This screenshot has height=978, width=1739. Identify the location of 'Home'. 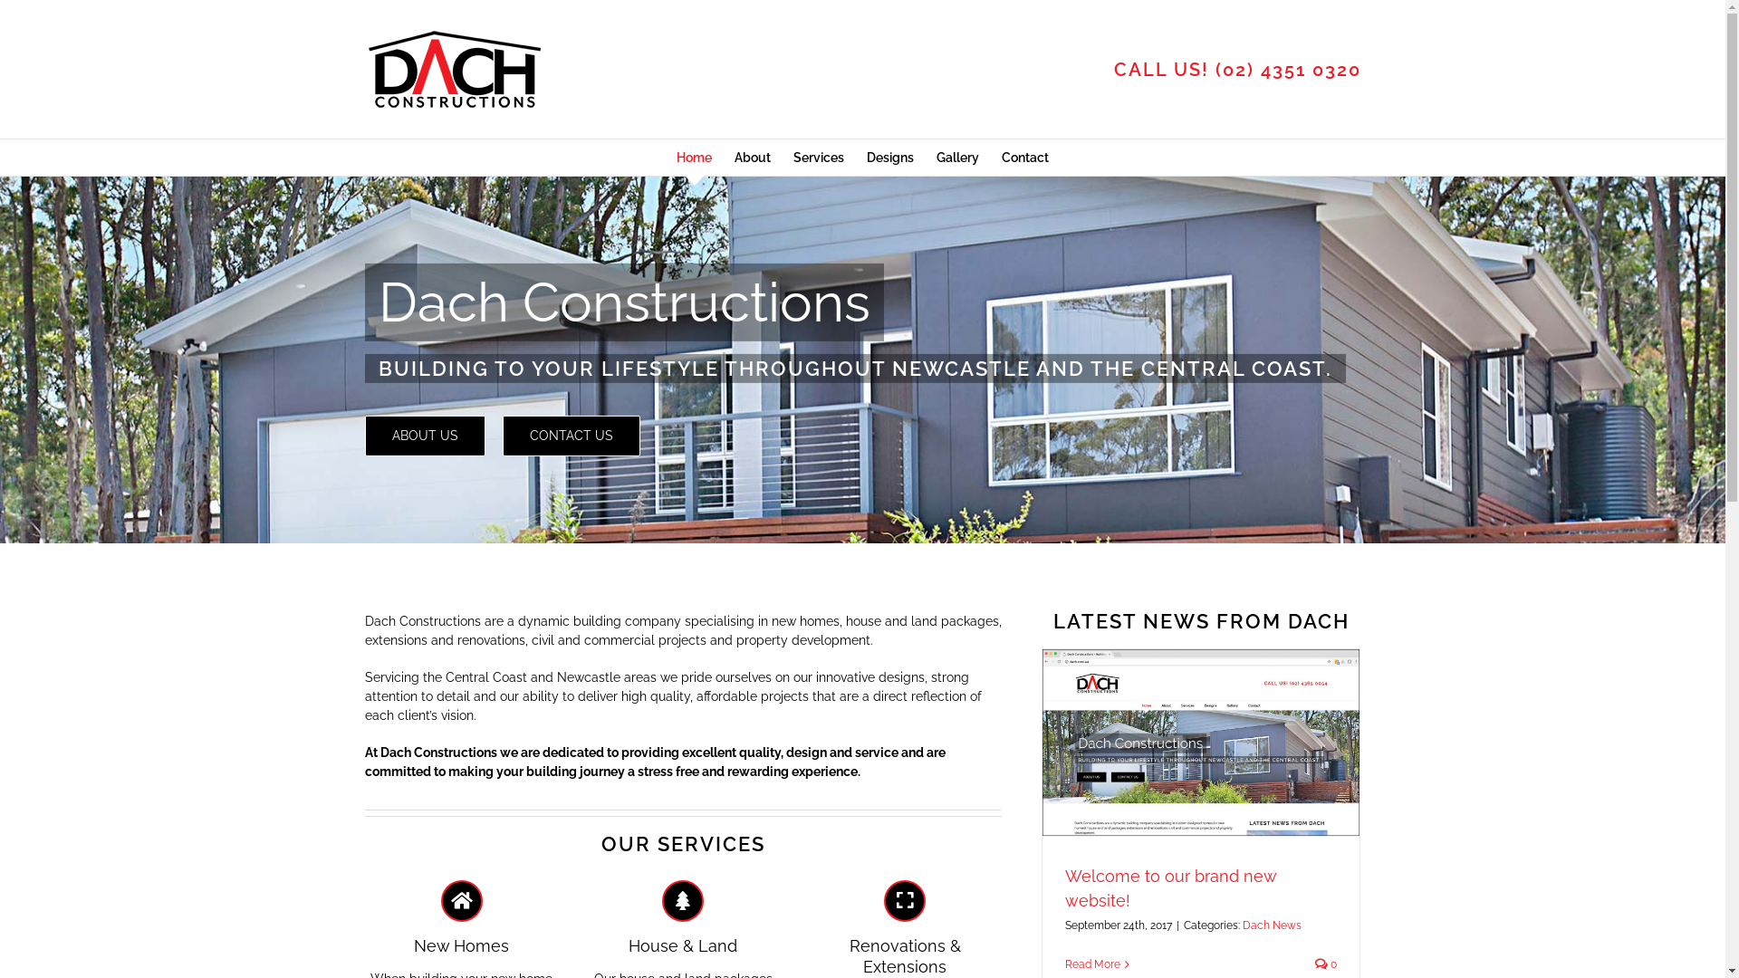
(693, 156).